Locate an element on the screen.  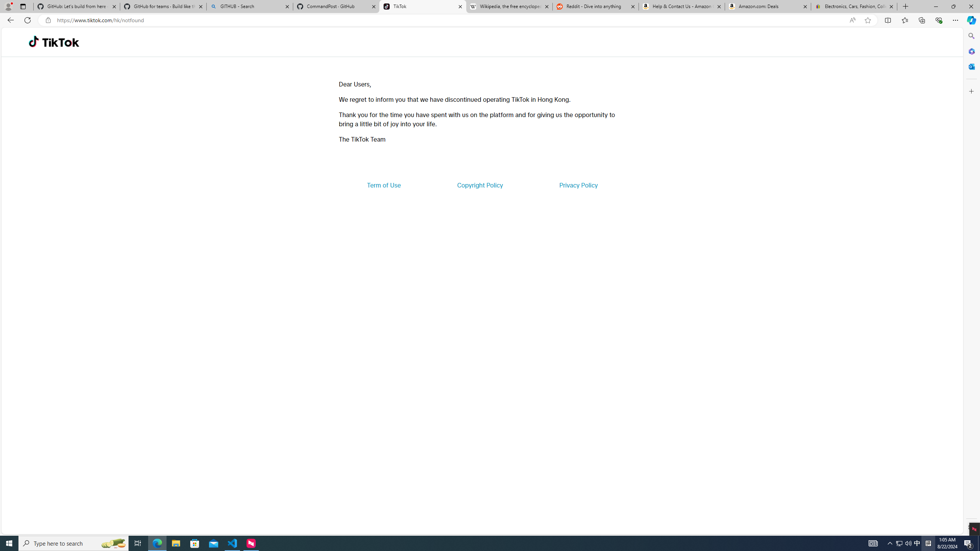
'Term of Use' is located at coordinates (384, 184).